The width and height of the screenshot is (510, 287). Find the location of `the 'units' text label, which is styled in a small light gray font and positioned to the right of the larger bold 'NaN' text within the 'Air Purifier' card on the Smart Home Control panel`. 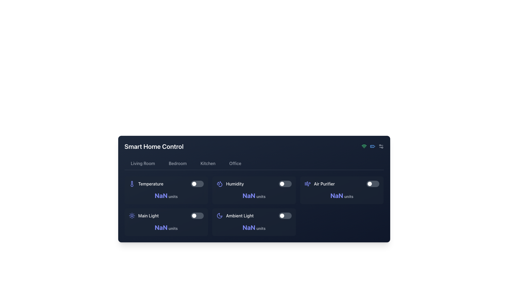

the 'units' text label, which is styled in a small light gray font and positioned to the right of the larger bold 'NaN' text within the 'Air Purifier' card on the Smart Home Control panel is located at coordinates (349, 196).